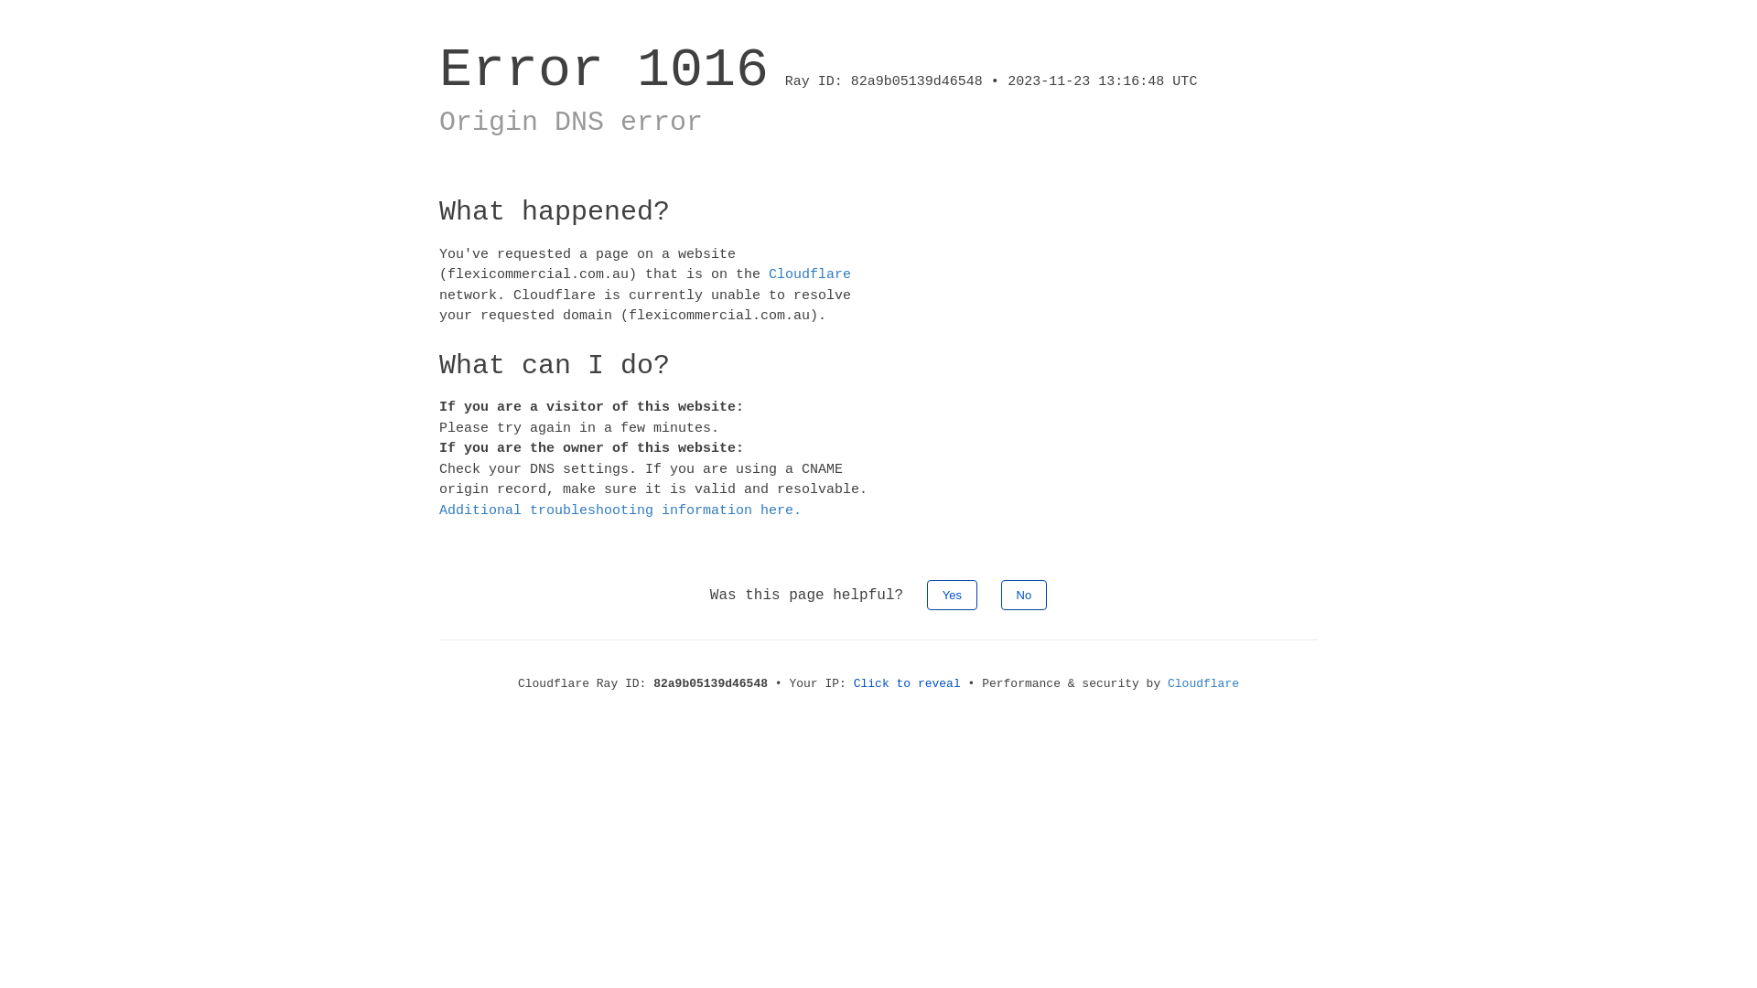 Image resolution: width=1757 pixels, height=988 pixels. What do you see at coordinates (907, 683) in the screenshot?
I see `'Click to reveal'` at bounding box center [907, 683].